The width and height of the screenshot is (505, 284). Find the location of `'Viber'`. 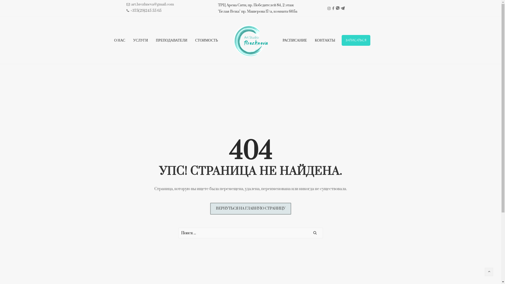

'Viber' is located at coordinates (337, 8).